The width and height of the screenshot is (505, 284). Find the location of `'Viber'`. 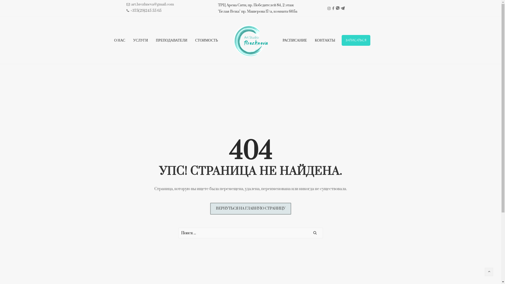

'Viber' is located at coordinates (337, 8).